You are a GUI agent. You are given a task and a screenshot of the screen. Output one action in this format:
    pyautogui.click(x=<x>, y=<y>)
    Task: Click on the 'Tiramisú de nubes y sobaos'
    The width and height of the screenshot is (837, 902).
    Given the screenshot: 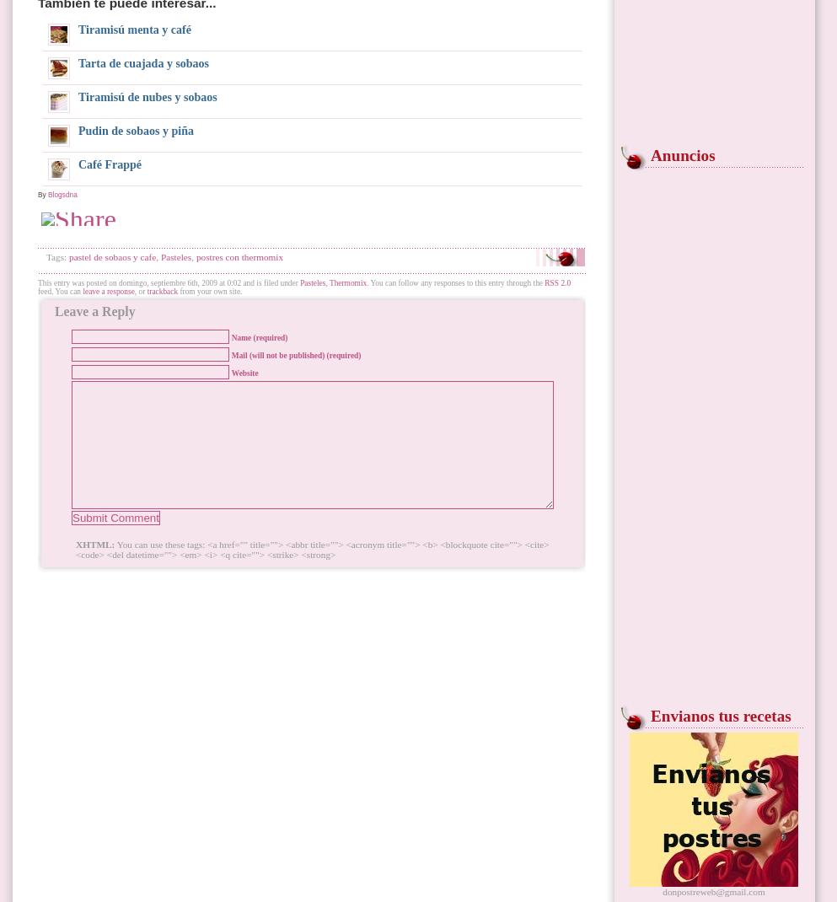 What is the action you would take?
    pyautogui.click(x=146, y=97)
    